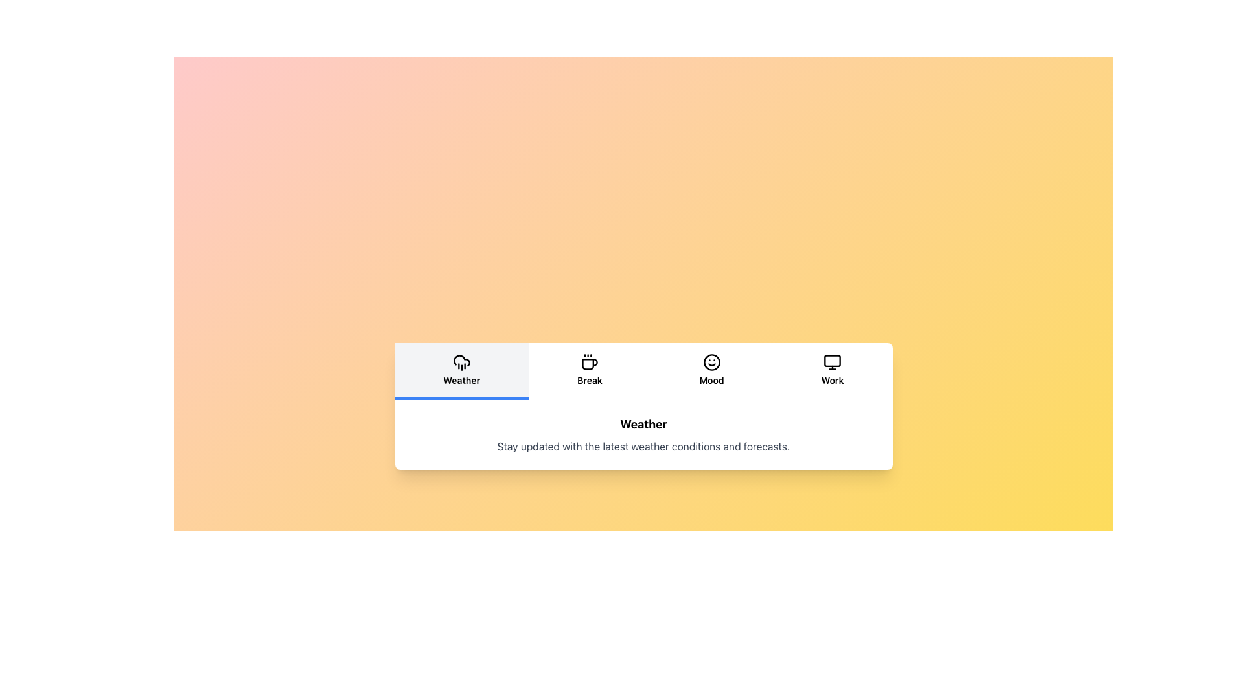  What do you see at coordinates (461, 379) in the screenshot?
I see `the 'Weather' text label in the top menu bar, which is styled in bold and has a blue underline indicating it is selected, for navigation` at bounding box center [461, 379].